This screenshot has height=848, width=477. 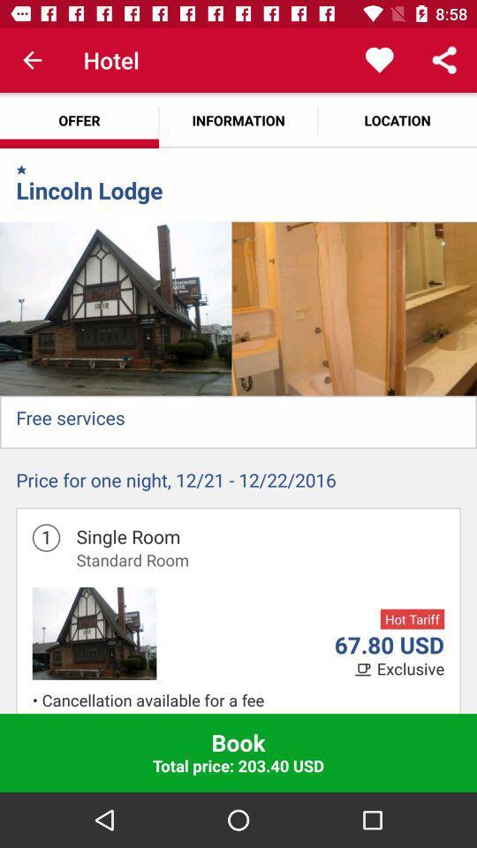 I want to click on the item above the free services, so click(x=116, y=308).